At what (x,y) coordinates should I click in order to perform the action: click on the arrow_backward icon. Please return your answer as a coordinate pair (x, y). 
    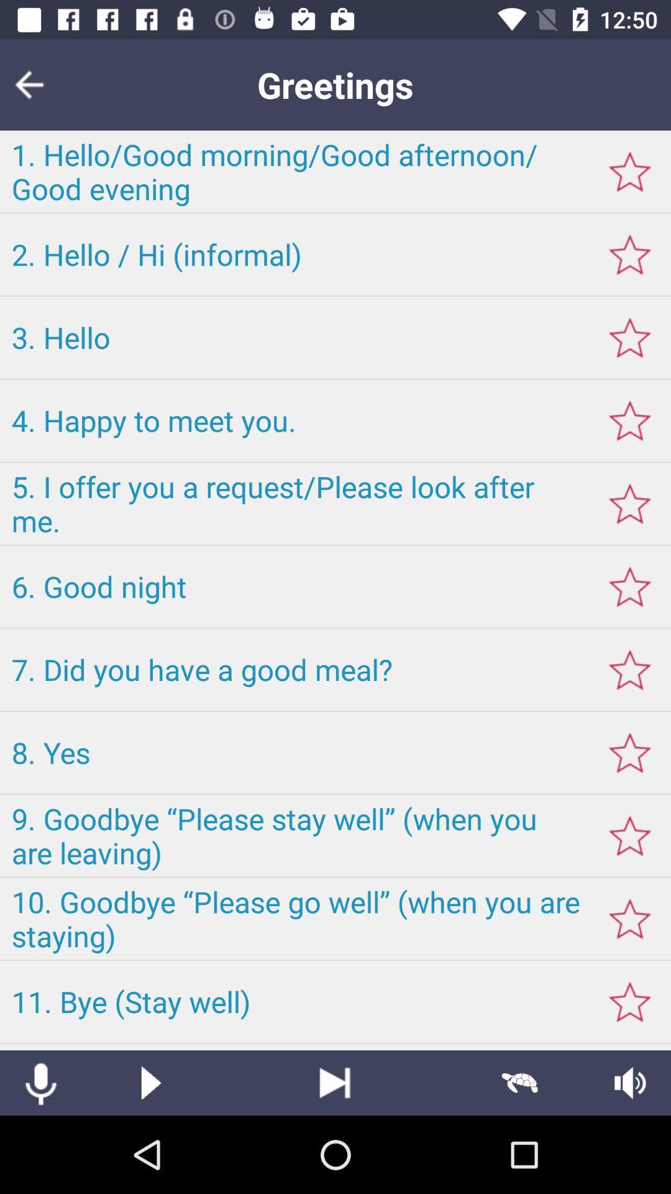
    Looking at the image, I should click on (37, 84).